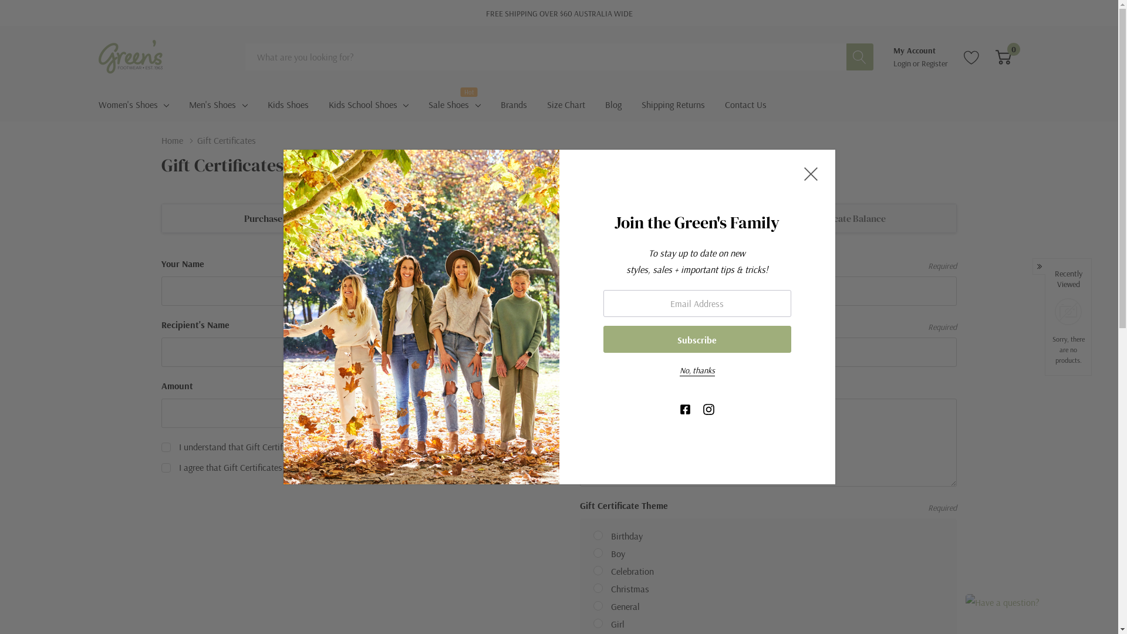 The image size is (1127, 634). I want to click on 'Redeem Gift Certificate', so click(427, 218).